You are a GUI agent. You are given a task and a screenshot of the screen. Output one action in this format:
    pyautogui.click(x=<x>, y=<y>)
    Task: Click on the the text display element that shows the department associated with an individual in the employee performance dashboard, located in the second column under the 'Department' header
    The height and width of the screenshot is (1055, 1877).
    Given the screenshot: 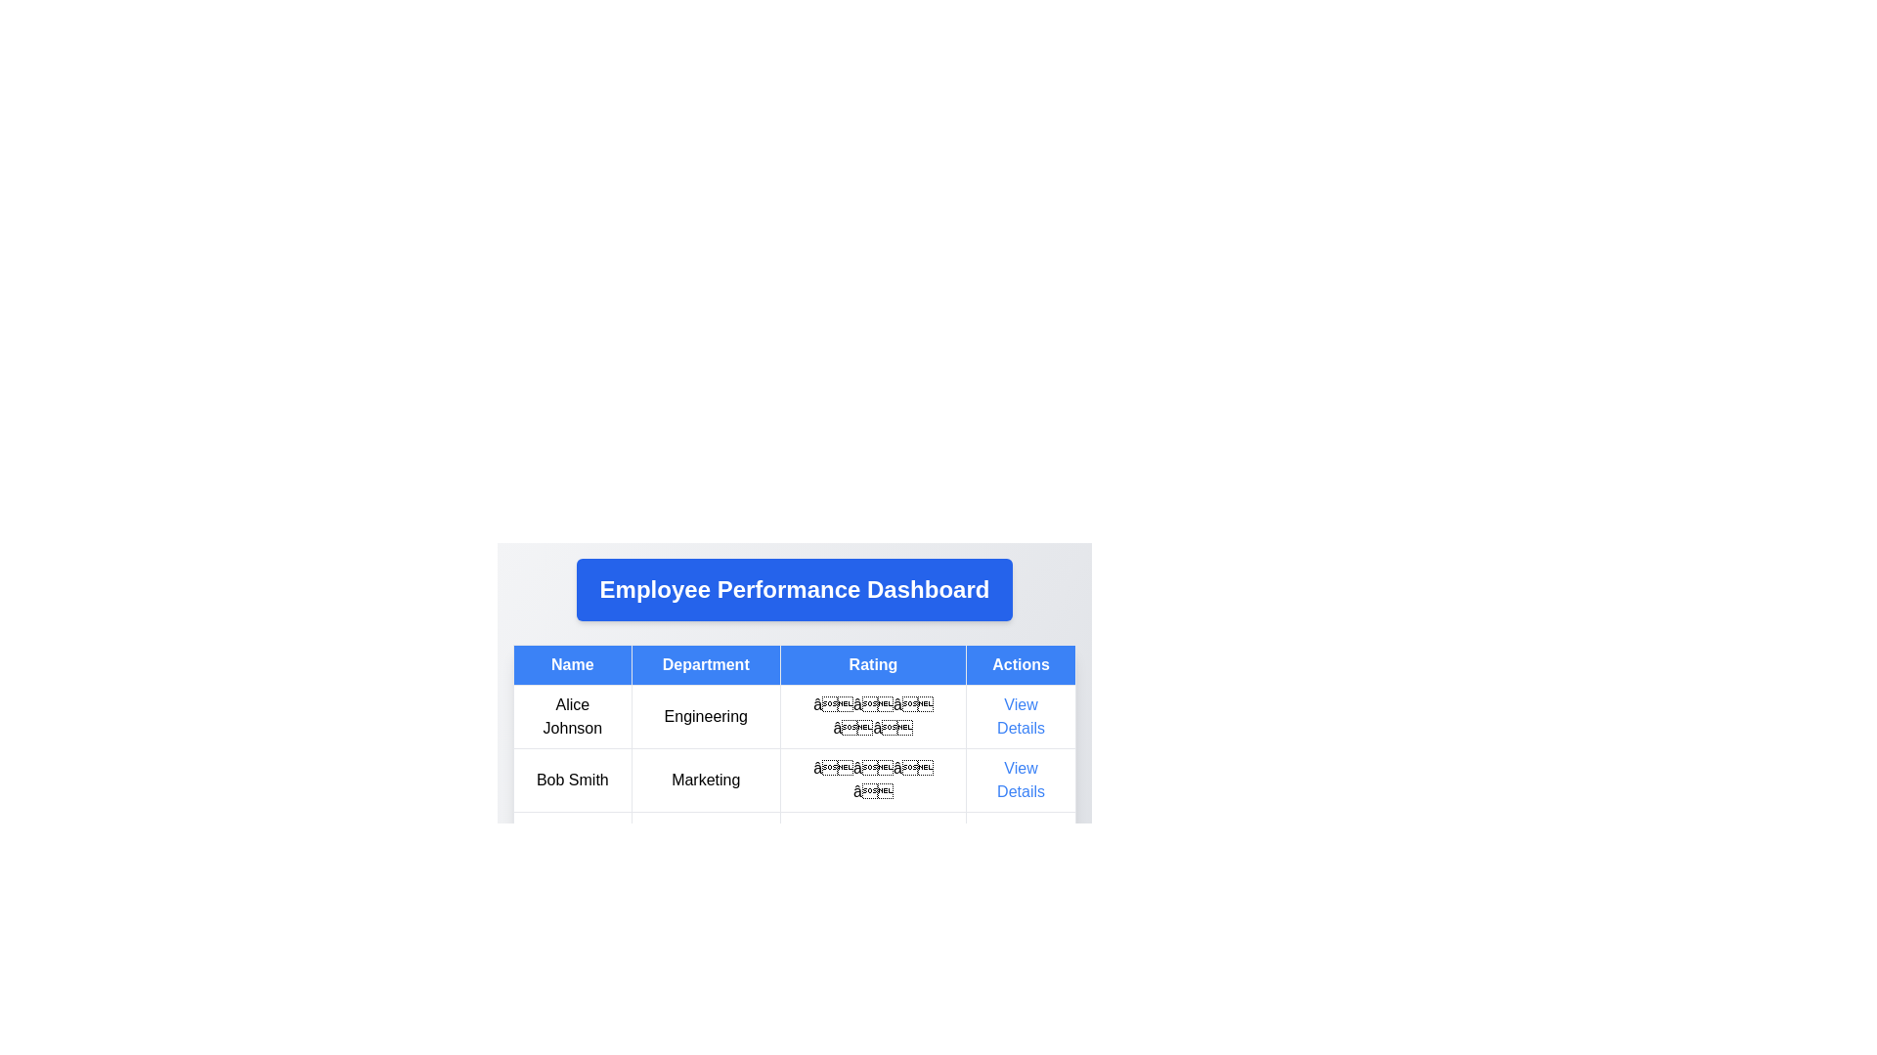 What is the action you would take?
    pyautogui.click(x=705, y=716)
    